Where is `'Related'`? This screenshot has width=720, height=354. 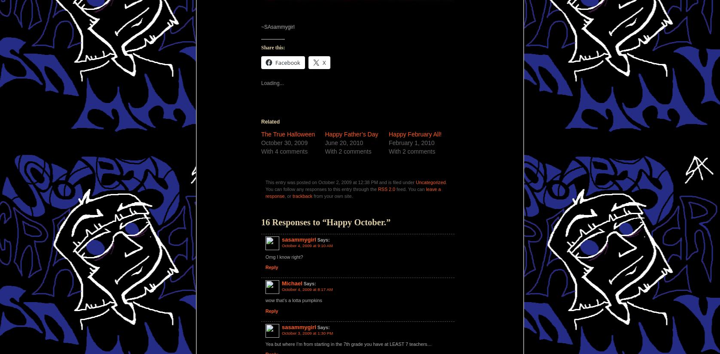
'Related' is located at coordinates (261, 121).